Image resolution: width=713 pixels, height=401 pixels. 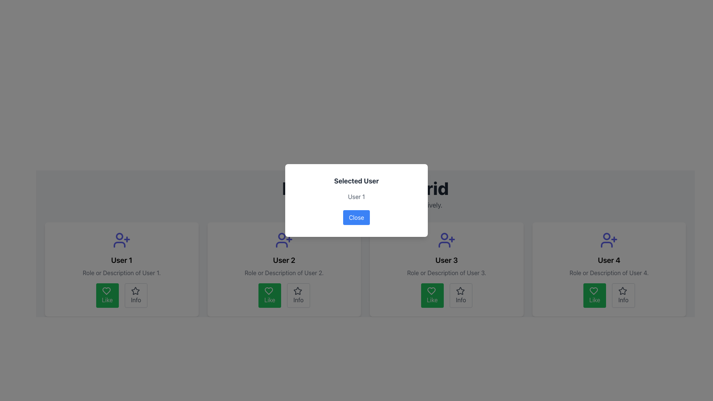 I want to click on the hollow star icon button located at the bottom-right corner of 'User 2's card, so click(x=298, y=290).